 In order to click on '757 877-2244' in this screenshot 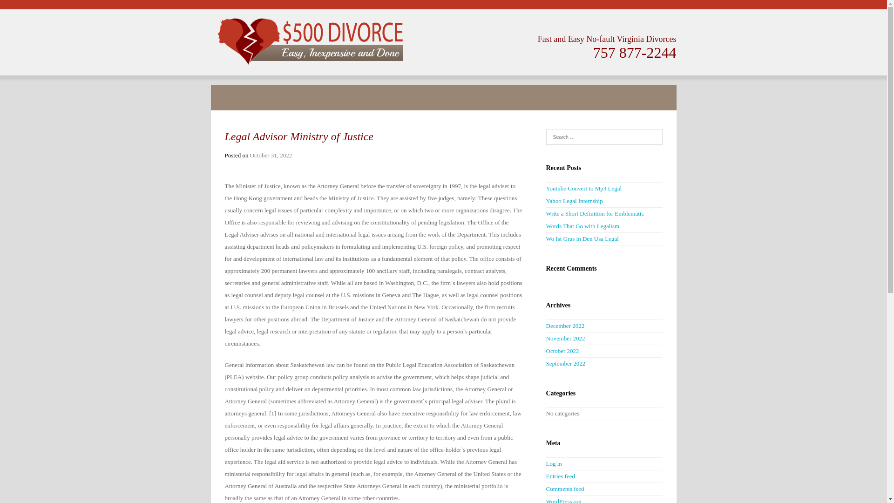, I will do `click(634, 52)`.